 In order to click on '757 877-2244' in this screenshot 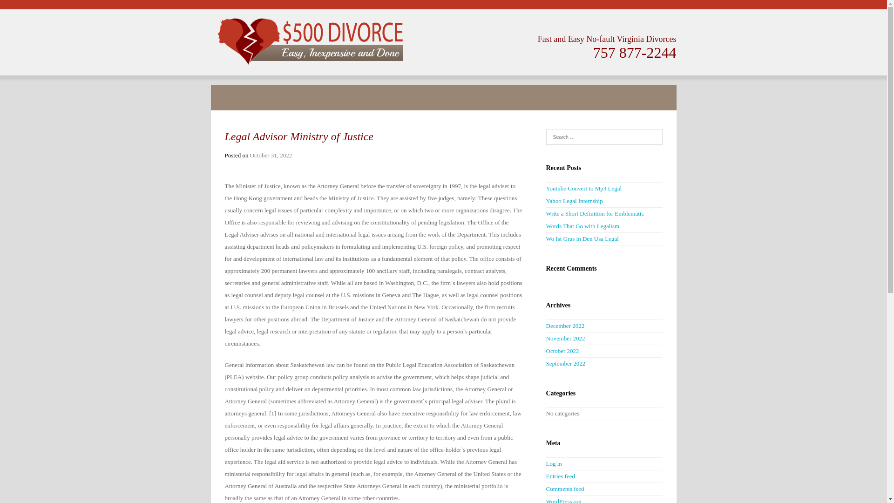, I will do `click(634, 52)`.